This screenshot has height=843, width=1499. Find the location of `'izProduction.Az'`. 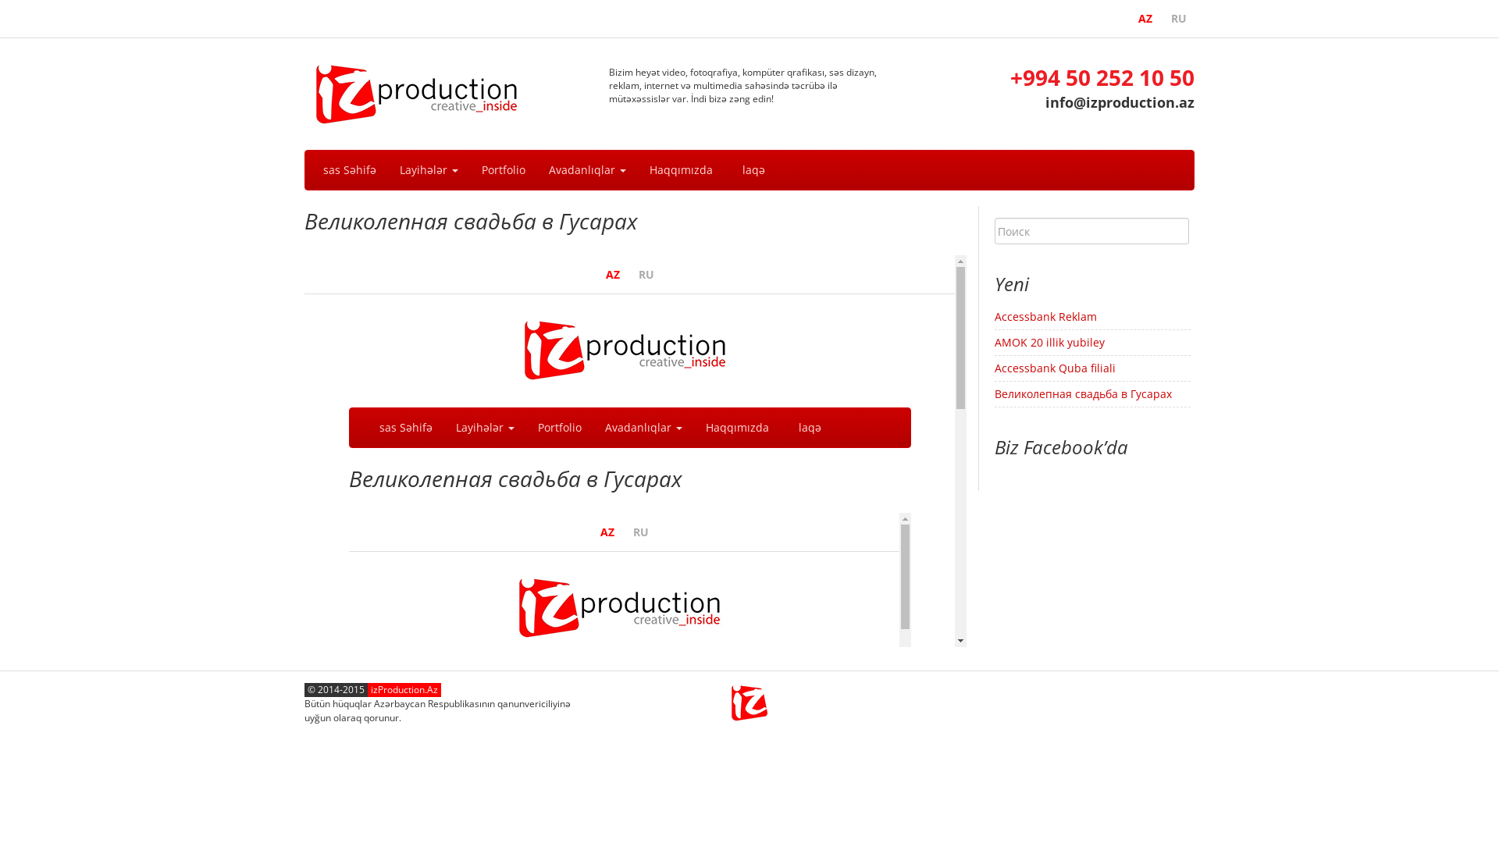

'izProduction.Az' is located at coordinates (404, 688).